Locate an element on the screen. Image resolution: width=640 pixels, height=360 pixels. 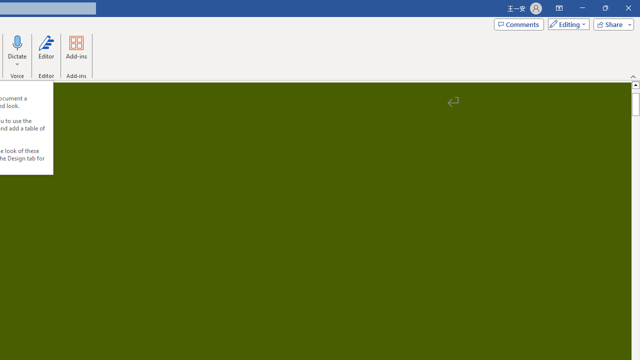
'Ribbon Display Options' is located at coordinates (558, 8).